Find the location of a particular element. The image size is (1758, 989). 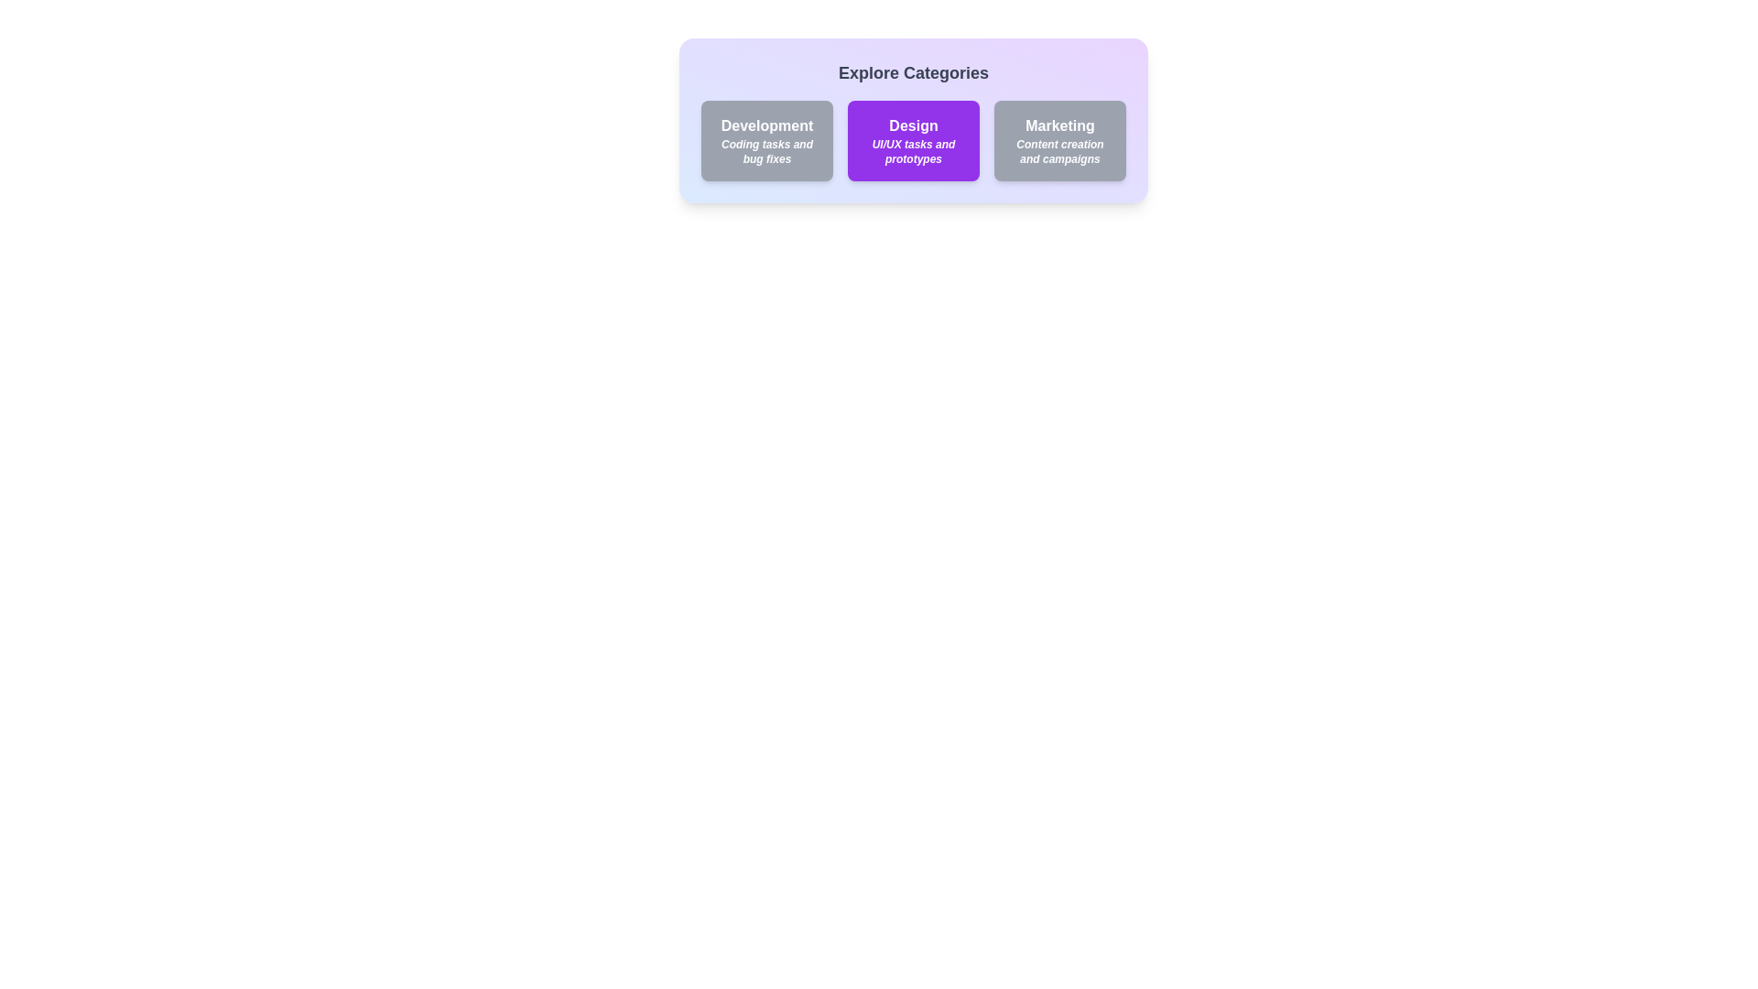

the chip labeled Development is located at coordinates (767, 140).